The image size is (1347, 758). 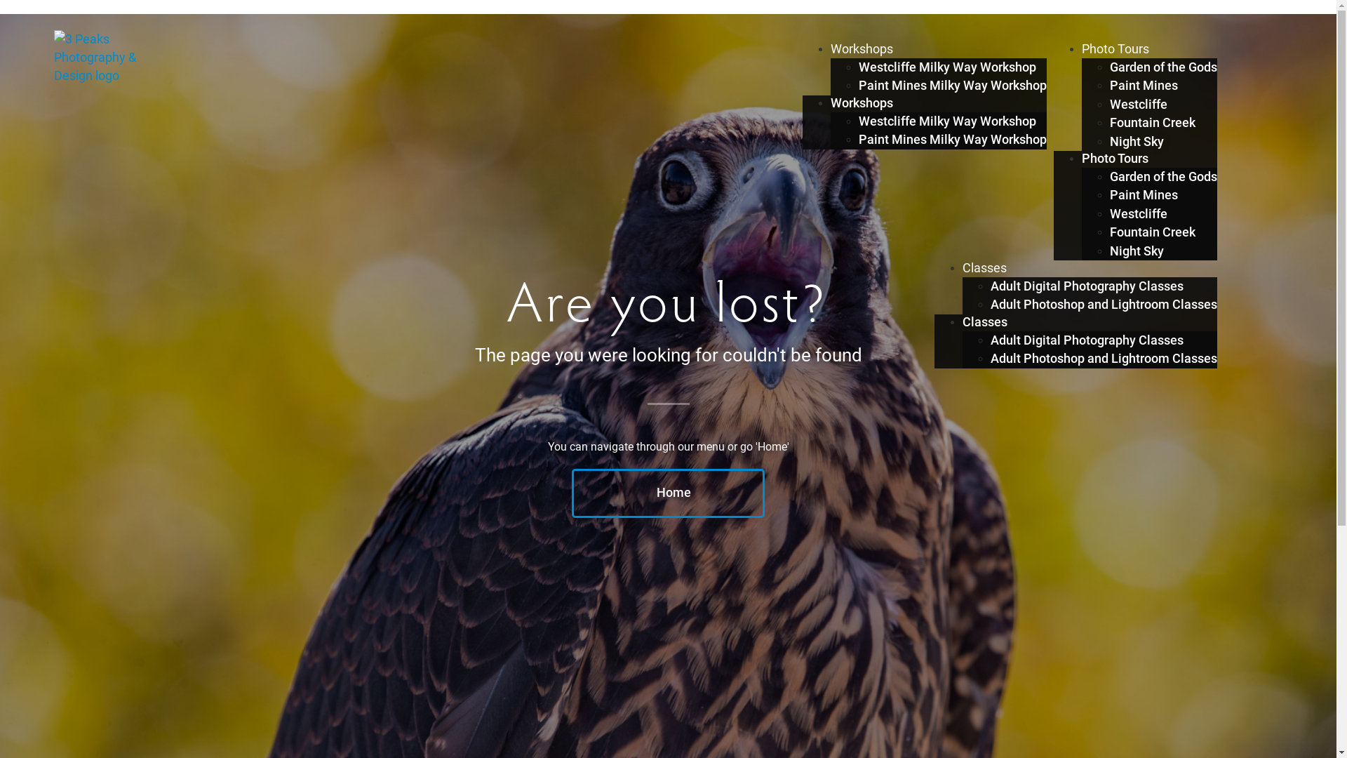 I want to click on 'Fountain Creek', so click(x=1152, y=232).